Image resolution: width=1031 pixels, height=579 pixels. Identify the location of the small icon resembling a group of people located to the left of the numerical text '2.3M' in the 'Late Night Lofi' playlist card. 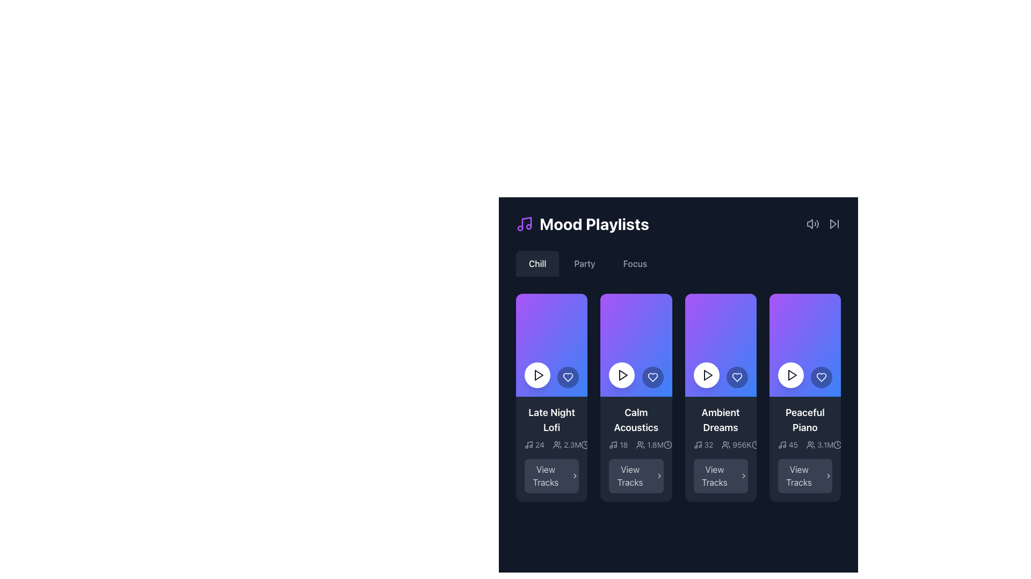
(557, 444).